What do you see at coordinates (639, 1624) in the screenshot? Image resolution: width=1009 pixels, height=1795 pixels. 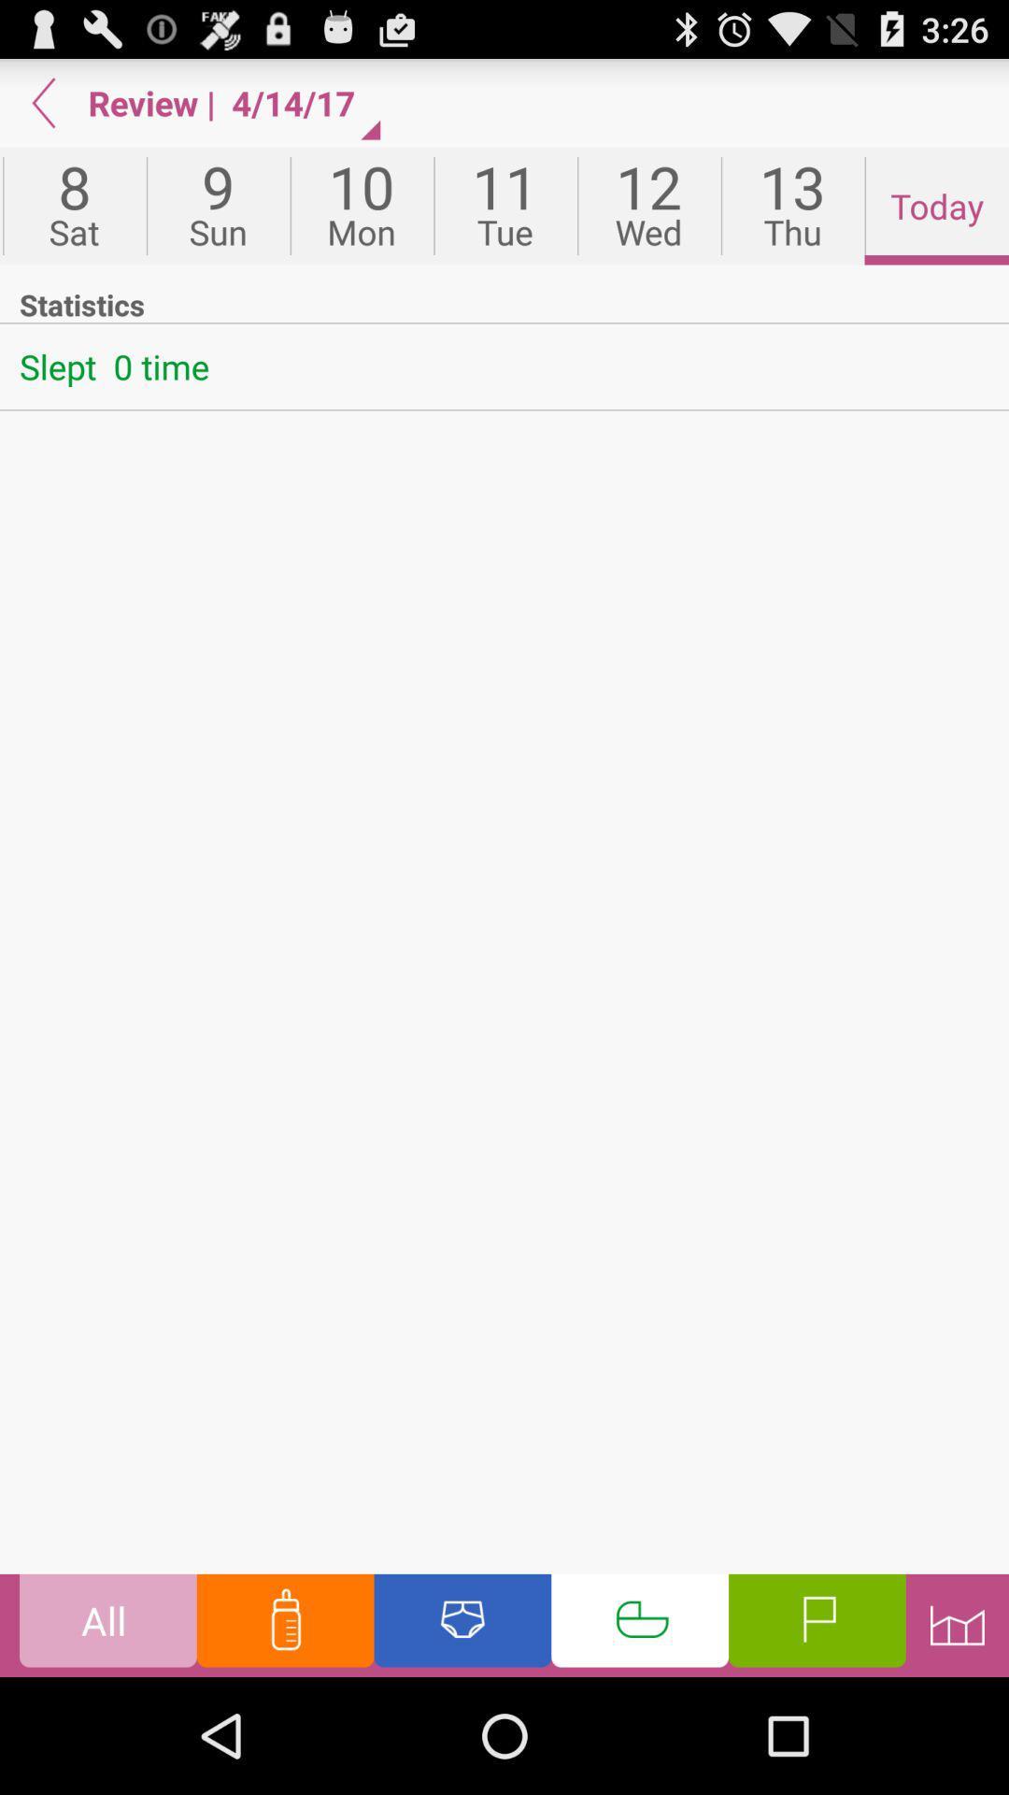 I see `set event day` at bounding box center [639, 1624].